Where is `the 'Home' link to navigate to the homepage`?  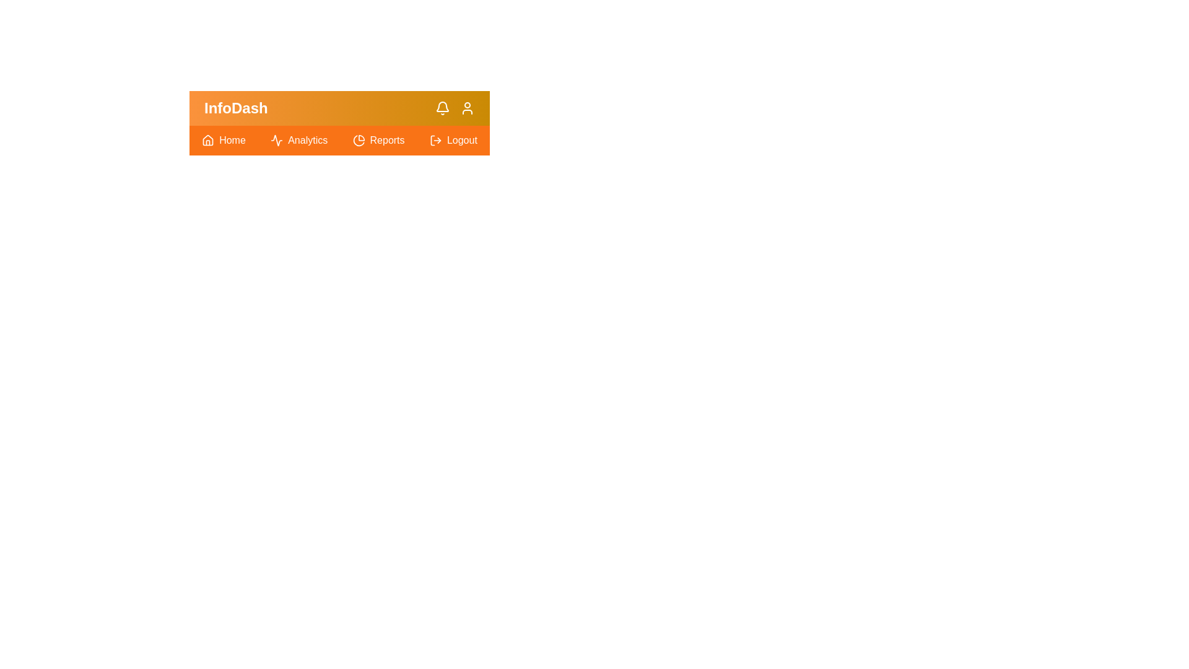
the 'Home' link to navigate to the homepage is located at coordinates (224, 140).